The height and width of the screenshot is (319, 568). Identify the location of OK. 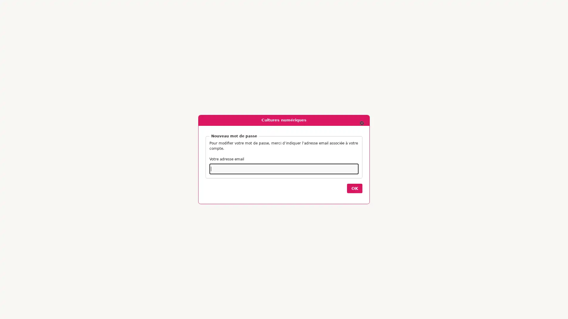
(355, 188).